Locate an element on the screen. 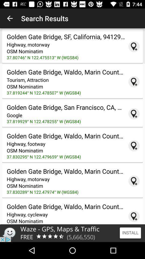 Image resolution: width=145 pixels, height=259 pixels. to map is located at coordinates (134, 114).